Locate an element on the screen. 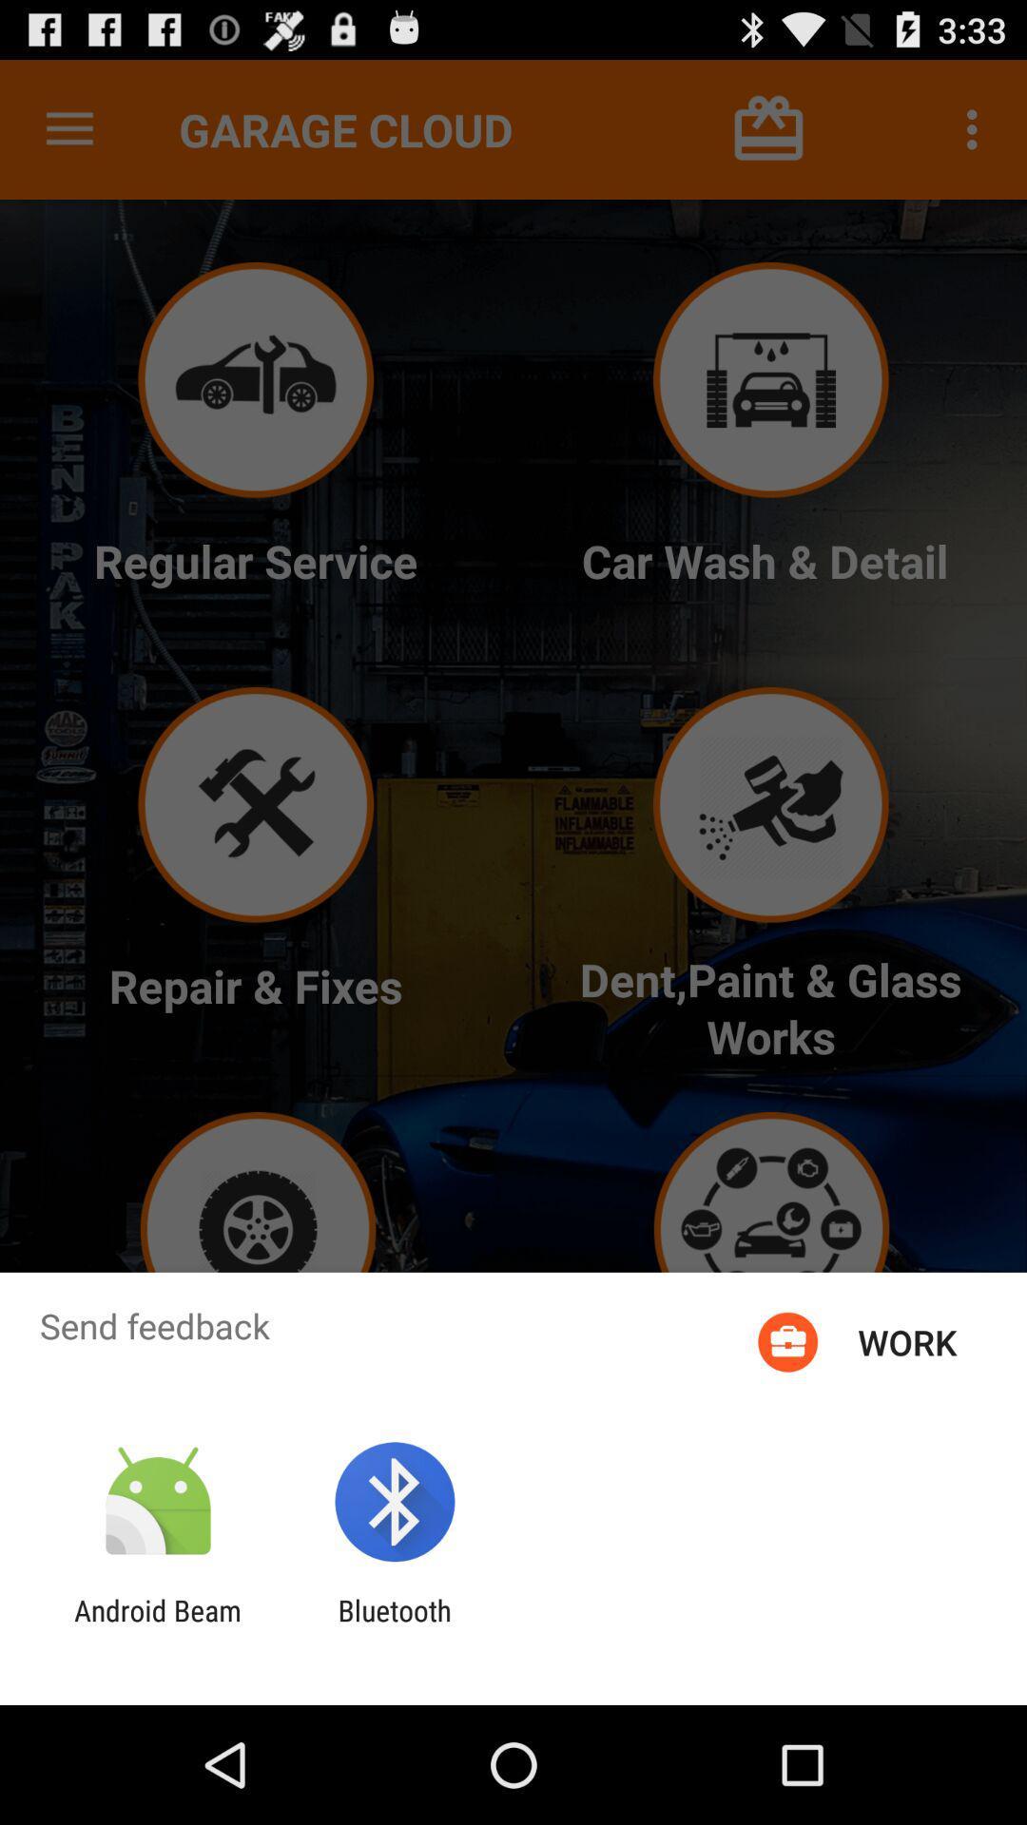  android beam app is located at coordinates (157, 1626).